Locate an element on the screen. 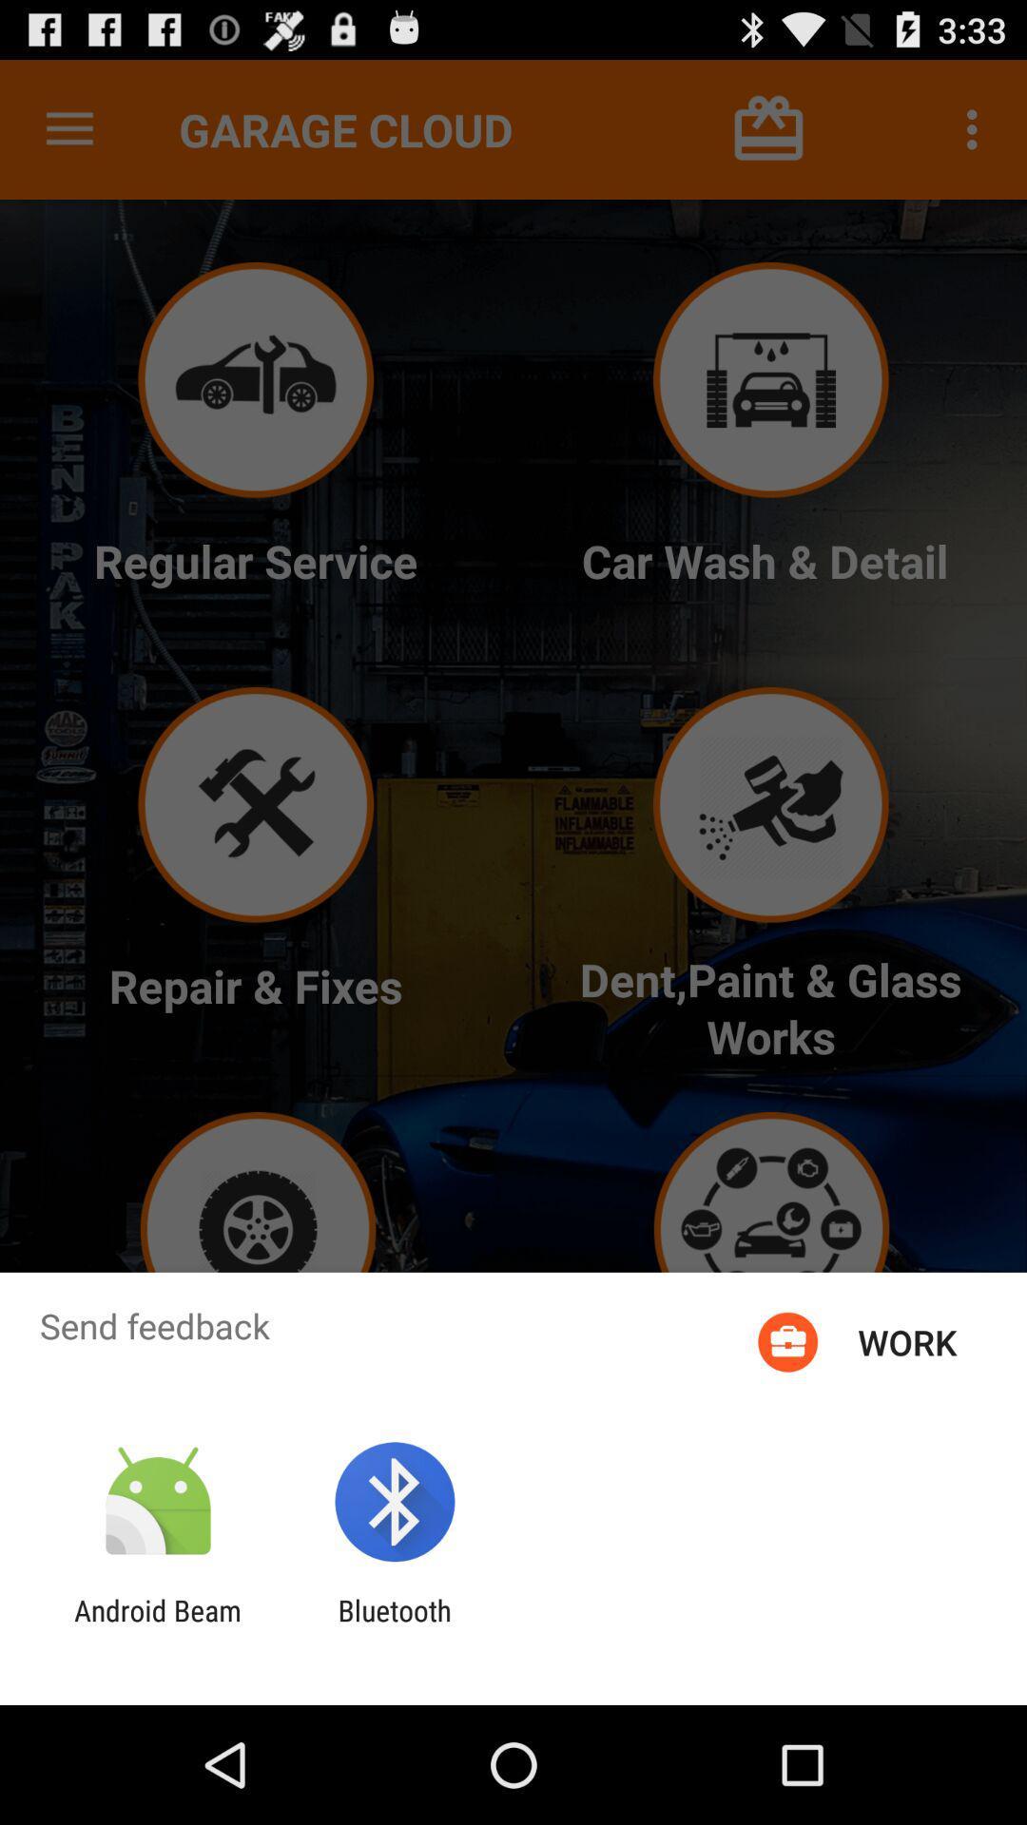  android beam app is located at coordinates (157, 1626).